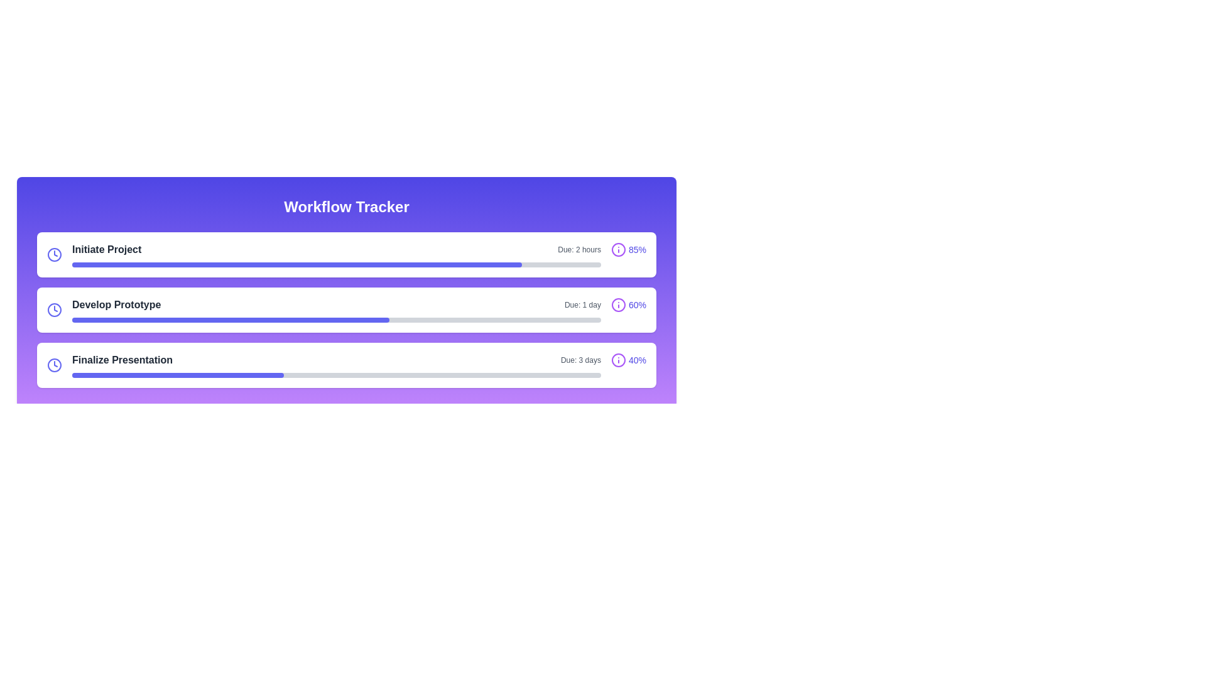 The height and width of the screenshot is (678, 1206). Describe the element at coordinates (296, 264) in the screenshot. I see `the progress bar that visually represents 85% completion of the 'Initiate Project' task in the 'Workflow Tracker' interface` at that location.